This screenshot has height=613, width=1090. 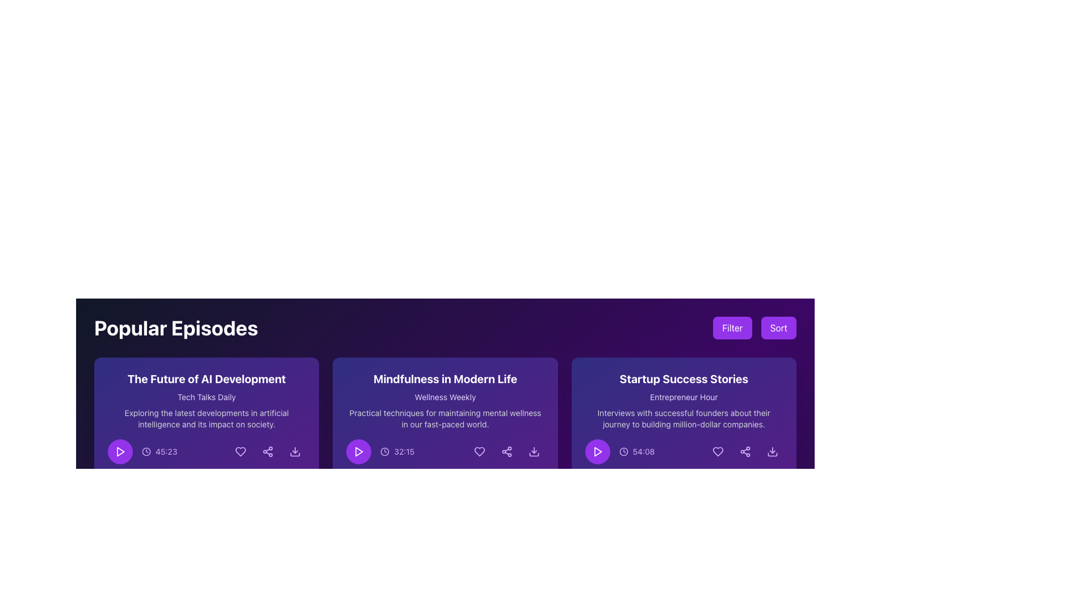 What do you see at coordinates (166, 451) in the screenshot?
I see `the text display showing the duration '45:23' in a purple hue, located near the lower left corner of the first card in a series of three cards, to the right of a clock icon` at bounding box center [166, 451].